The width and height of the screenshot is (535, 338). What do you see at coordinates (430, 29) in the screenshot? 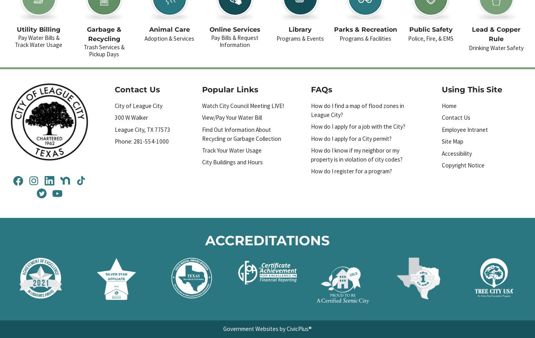
I see `'Public Safety'` at bounding box center [430, 29].